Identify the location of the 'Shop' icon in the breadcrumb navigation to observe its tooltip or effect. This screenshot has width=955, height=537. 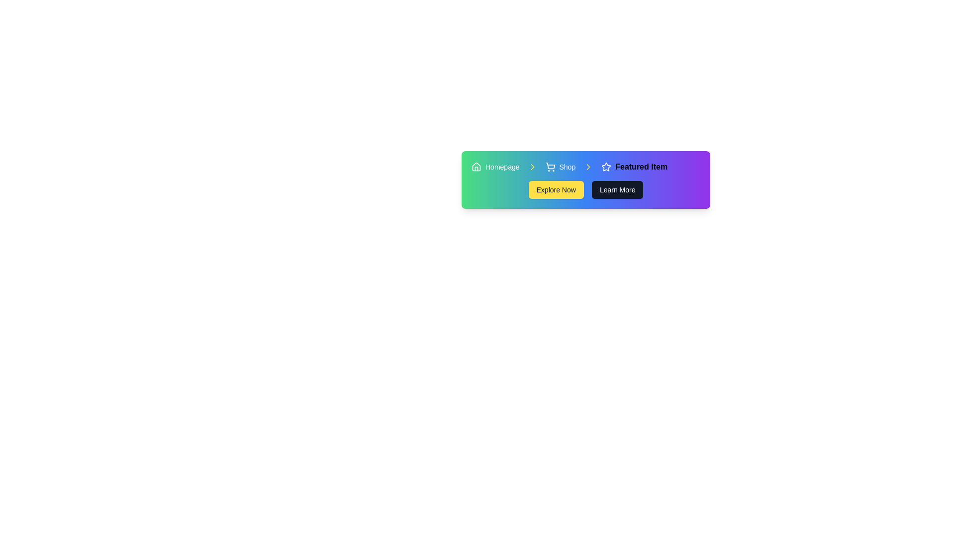
(550, 165).